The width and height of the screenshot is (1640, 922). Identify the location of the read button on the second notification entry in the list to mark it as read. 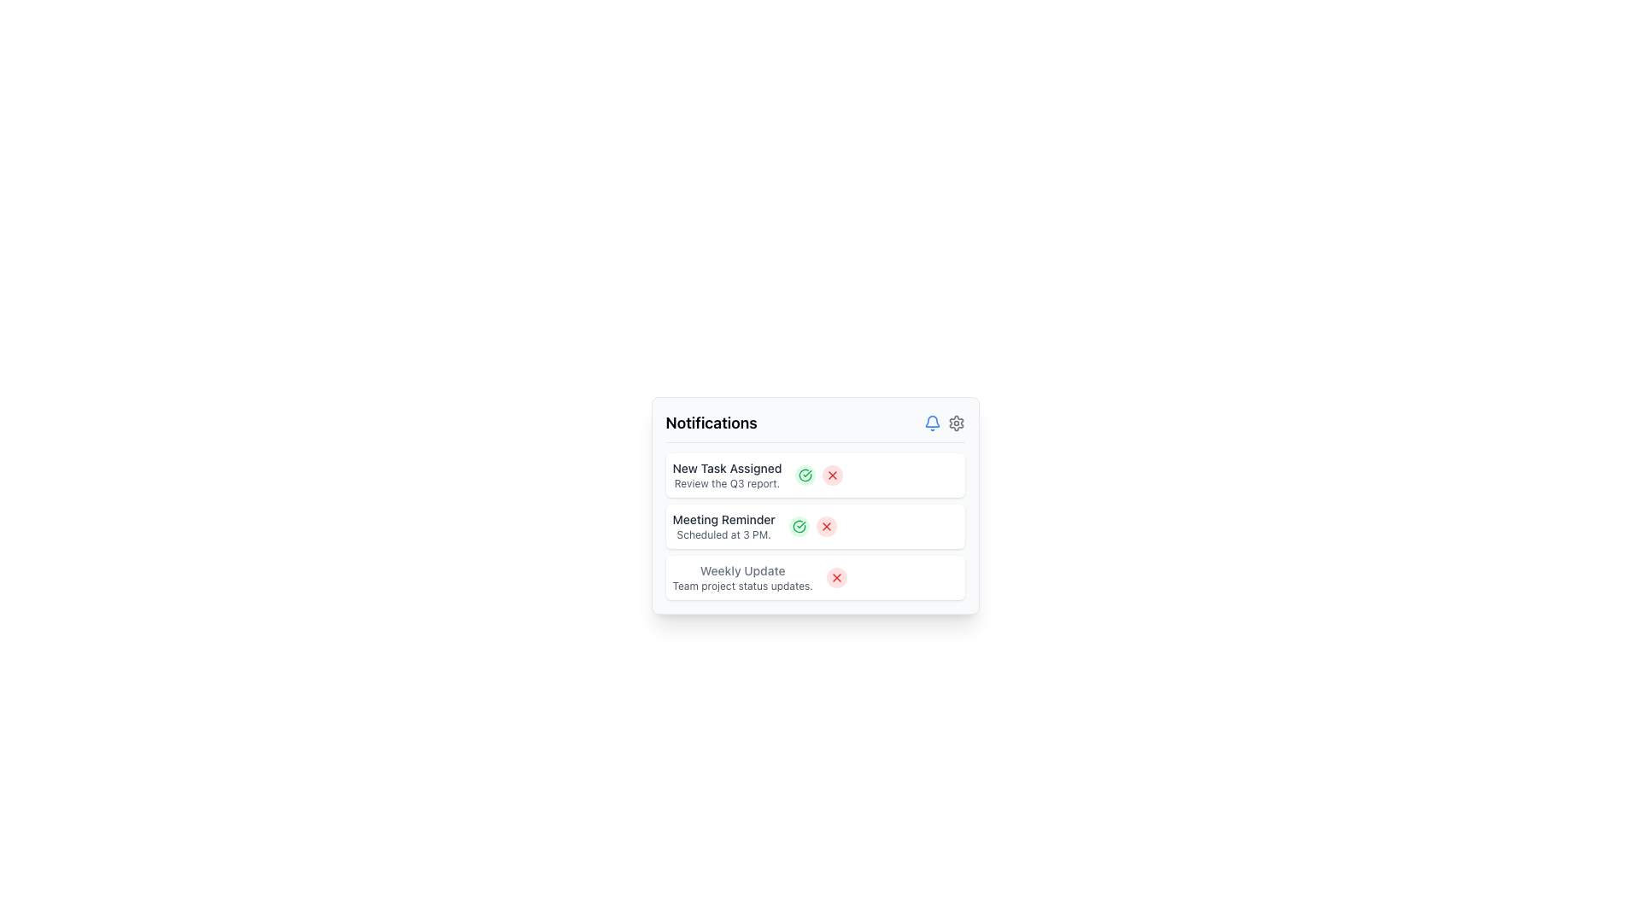
(814, 526).